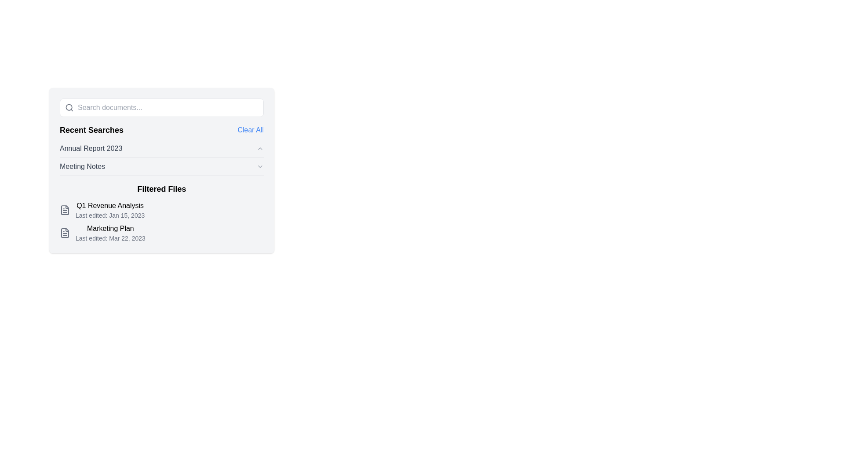 This screenshot has width=844, height=475. What do you see at coordinates (69, 107) in the screenshot?
I see `the search icon represented by a magnifying glass symbol to focus on the search input field` at bounding box center [69, 107].